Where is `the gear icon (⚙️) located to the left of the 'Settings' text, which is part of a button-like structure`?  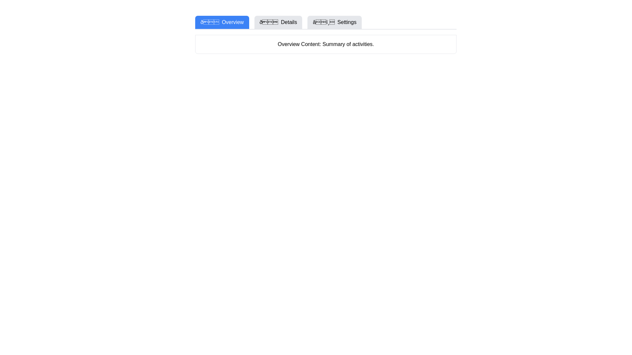
the gear icon (⚙️) located to the left of the 'Settings' text, which is part of a button-like structure is located at coordinates (324, 22).